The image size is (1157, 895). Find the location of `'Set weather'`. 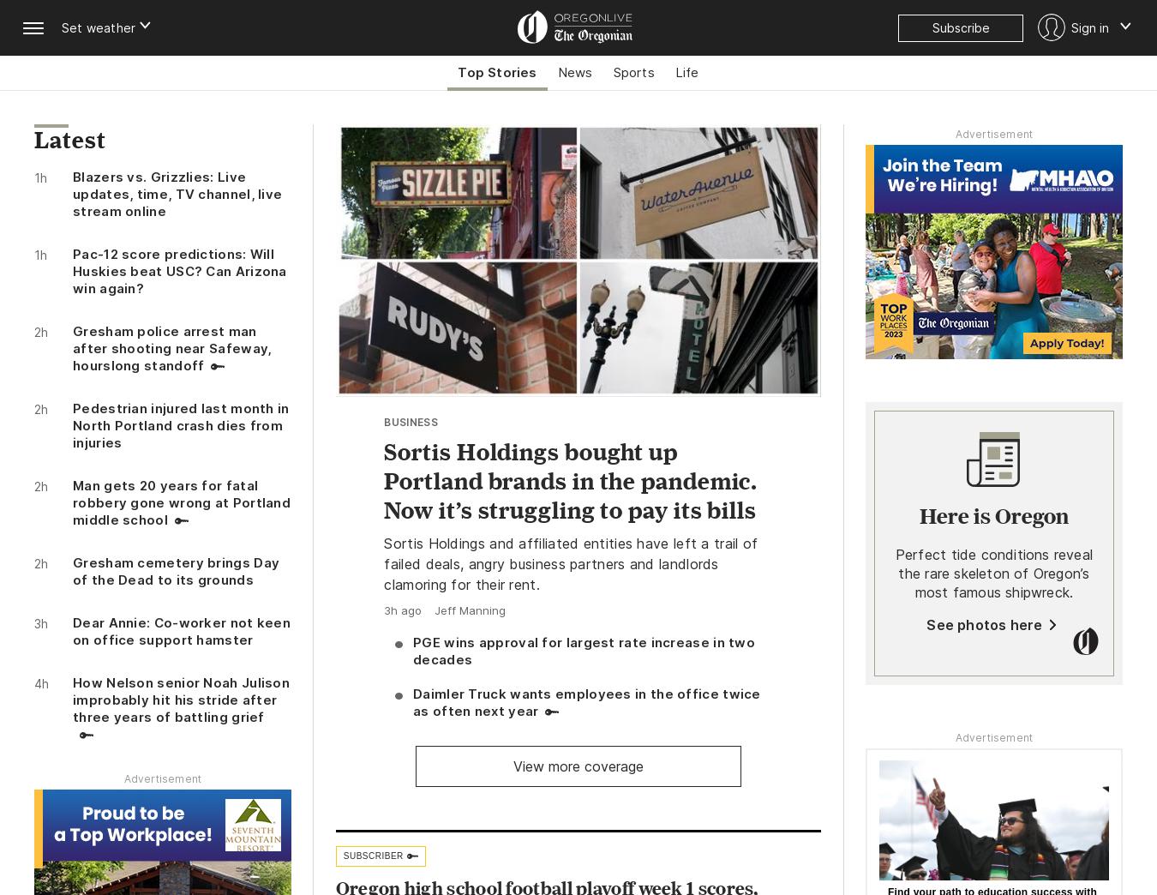

'Set weather' is located at coordinates (99, 27).